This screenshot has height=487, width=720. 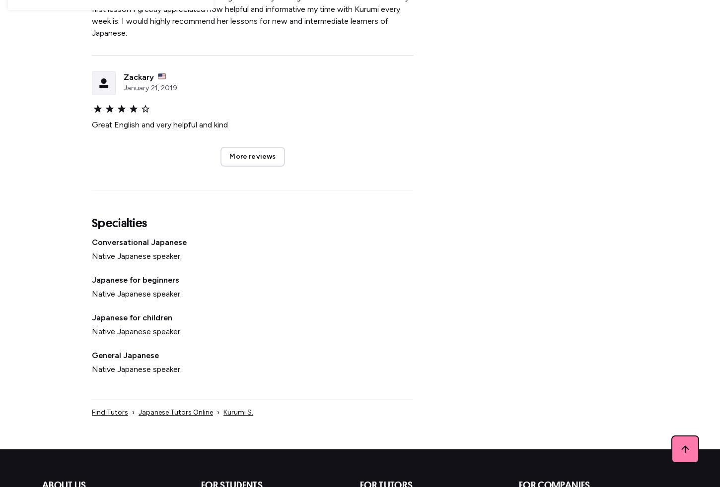 What do you see at coordinates (139, 76) in the screenshot?
I see `'Zackary'` at bounding box center [139, 76].